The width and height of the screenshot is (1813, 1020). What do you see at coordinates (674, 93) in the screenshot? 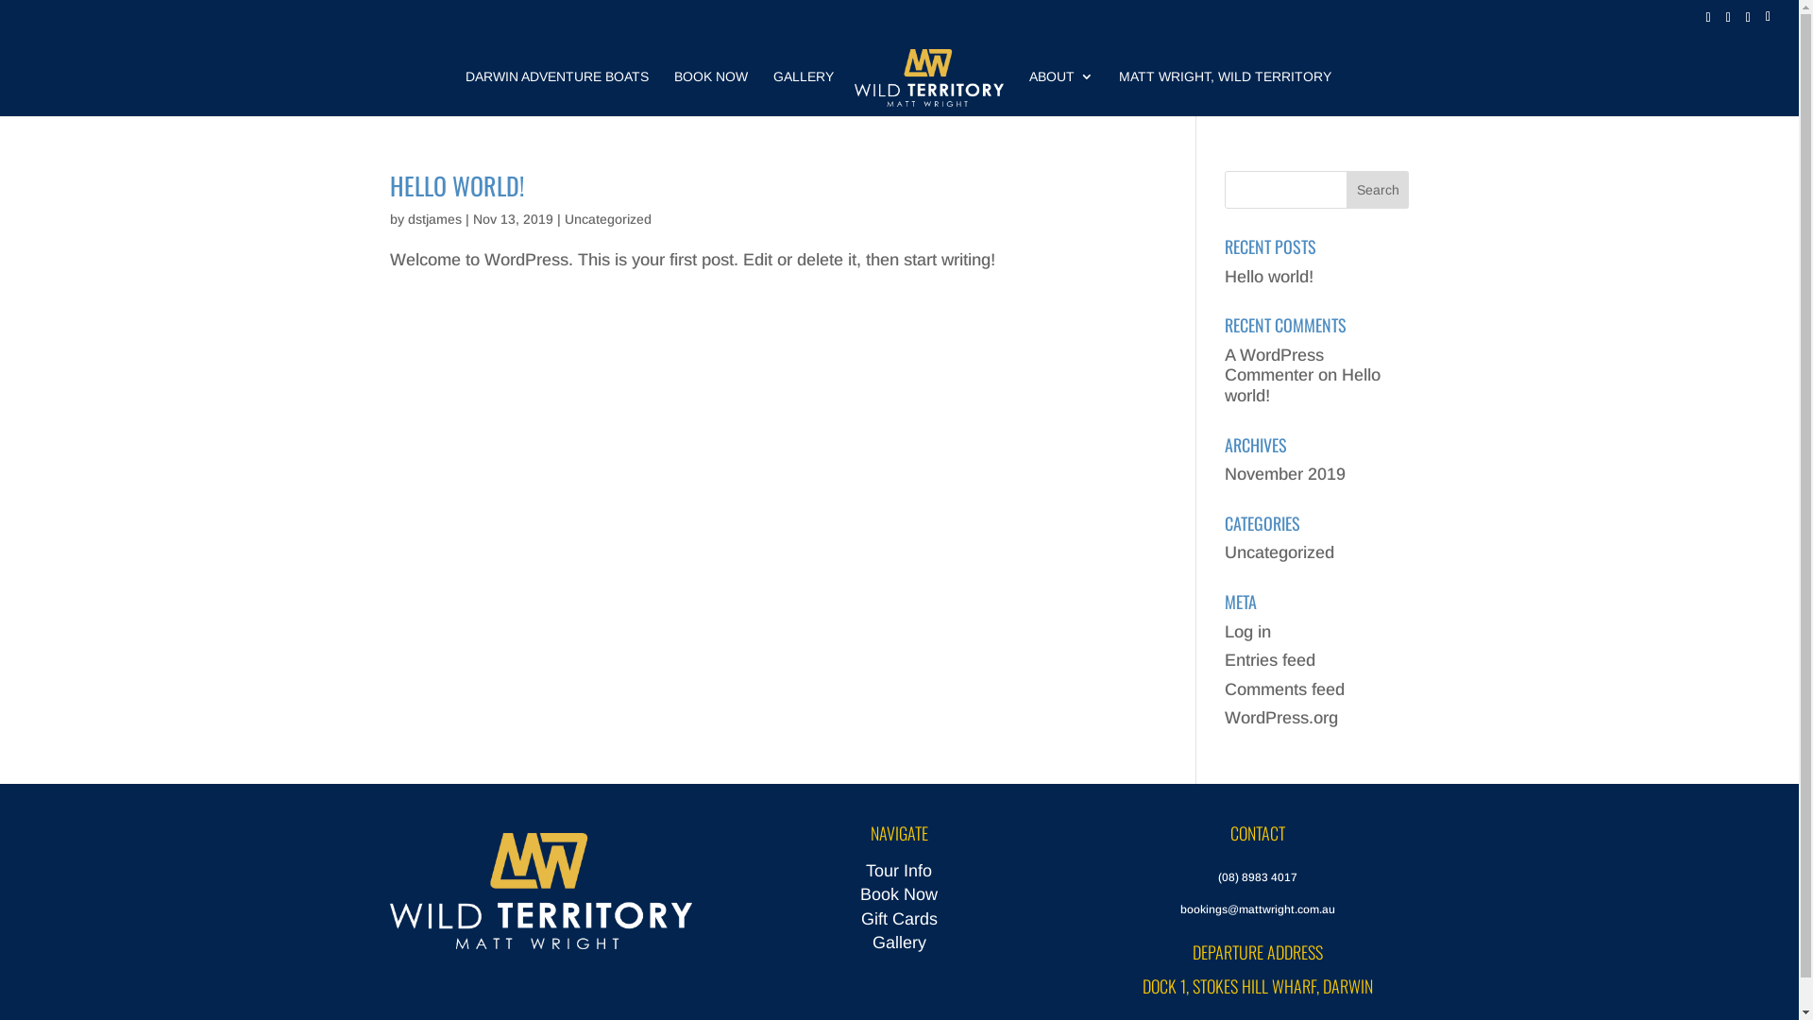
I see `'BOOK NOW'` at bounding box center [674, 93].